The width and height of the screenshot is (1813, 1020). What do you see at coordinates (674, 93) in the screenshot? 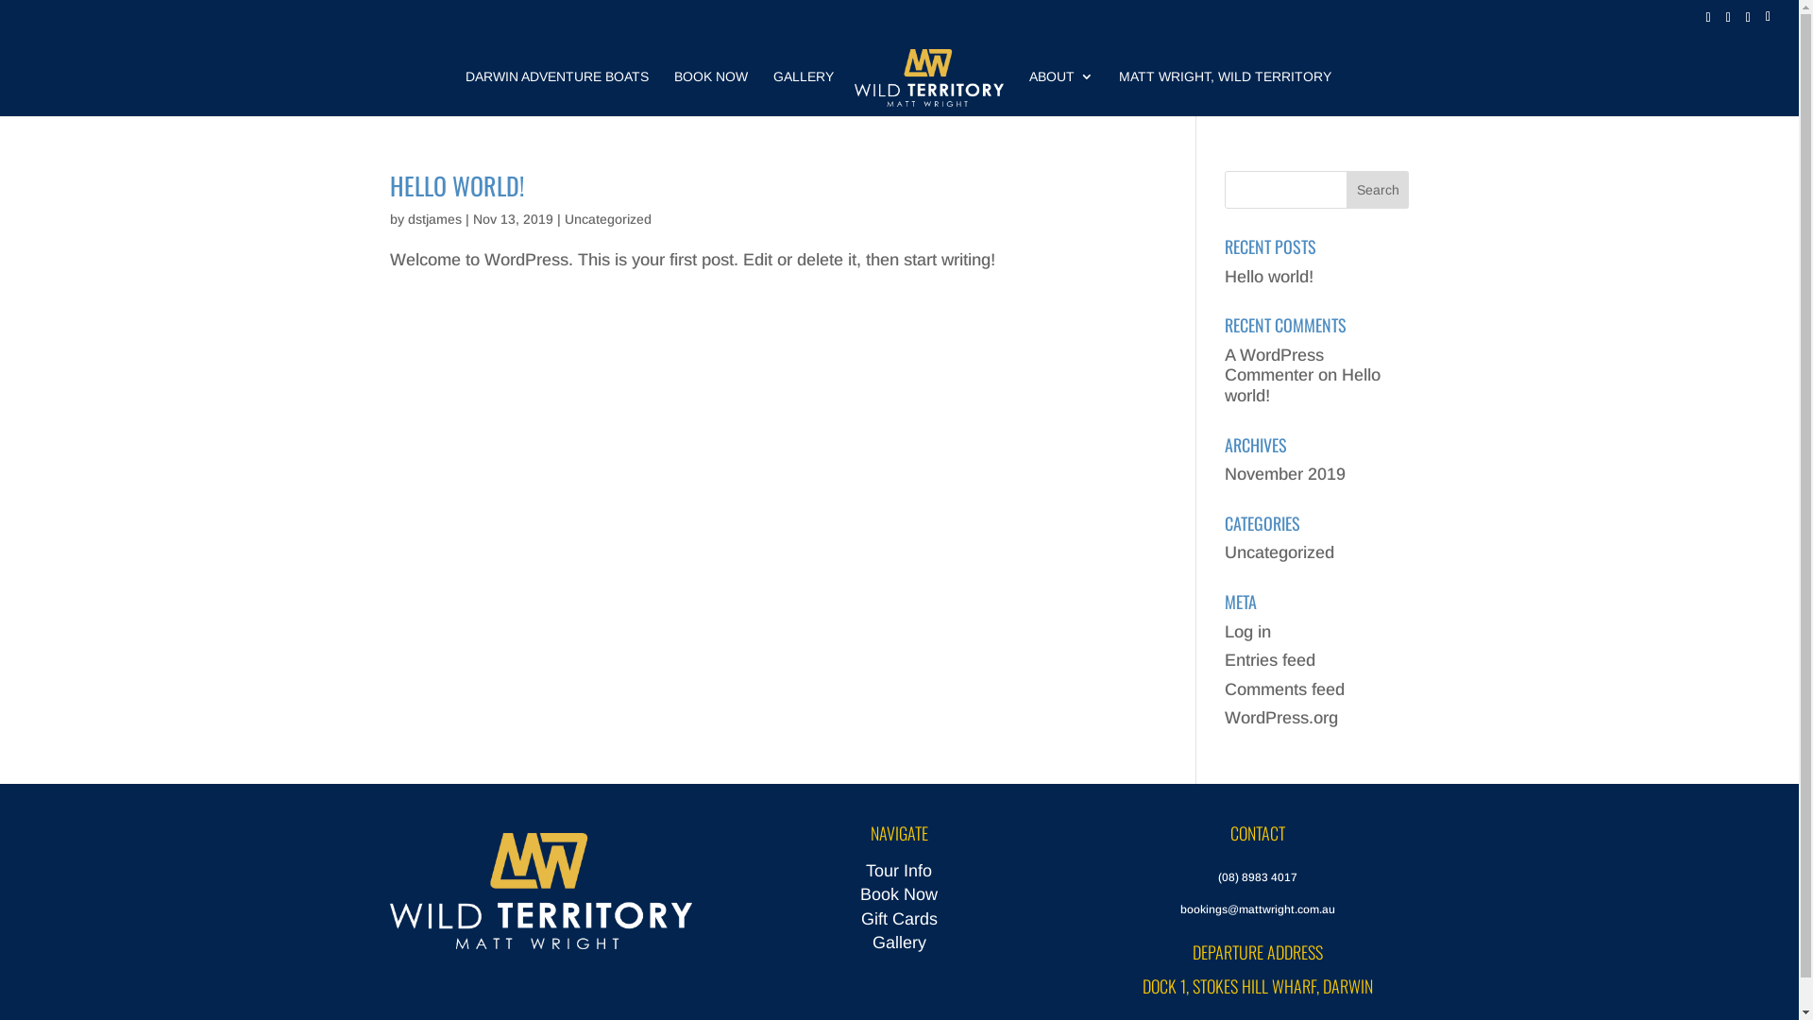
I see `'BOOK NOW'` at bounding box center [674, 93].